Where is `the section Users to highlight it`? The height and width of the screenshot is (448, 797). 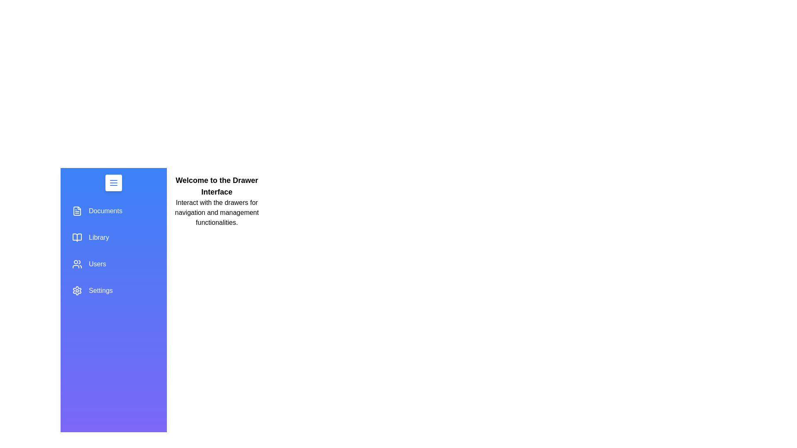 the section Users to highlight it is located at coordinates (113, 264).